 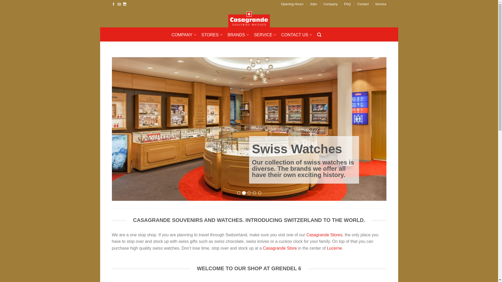 I want to click on 'Lucerne', so click(x=334, y=248).